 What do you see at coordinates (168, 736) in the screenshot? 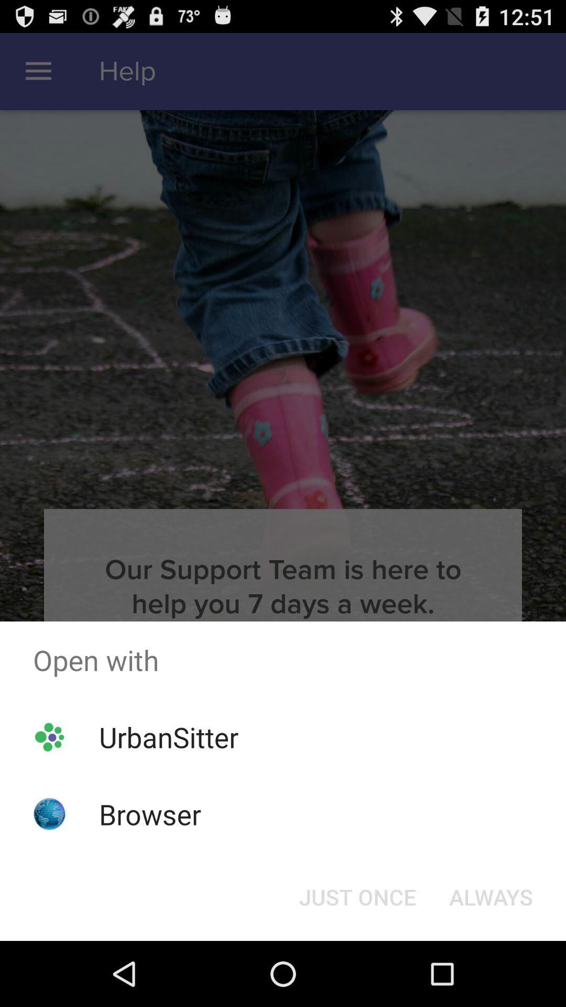
I see `the app below open with icon` at bounding box center [168, 736].